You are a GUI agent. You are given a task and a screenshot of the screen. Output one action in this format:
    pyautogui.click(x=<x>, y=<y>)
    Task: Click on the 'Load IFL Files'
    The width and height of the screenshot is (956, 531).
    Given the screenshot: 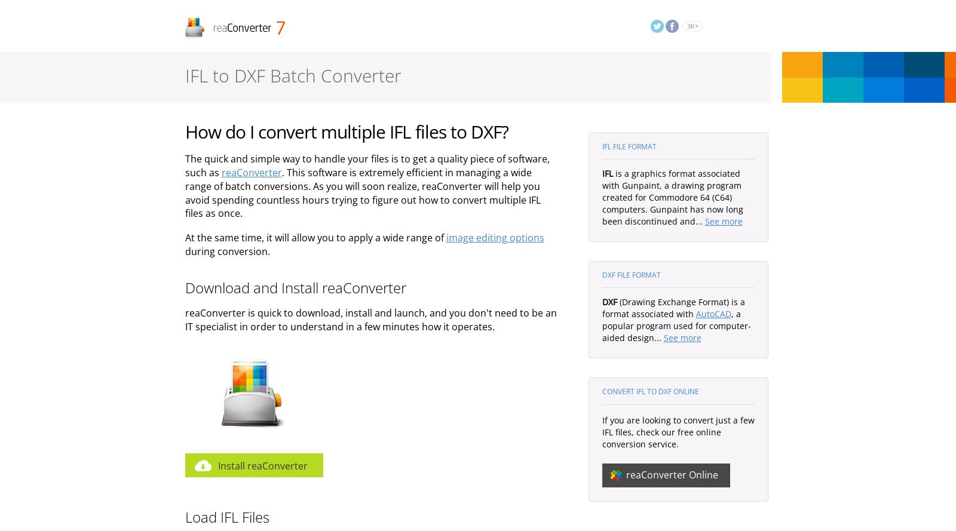 What is the action you would take?
    pyautogui.click(x=226, y=515)
    